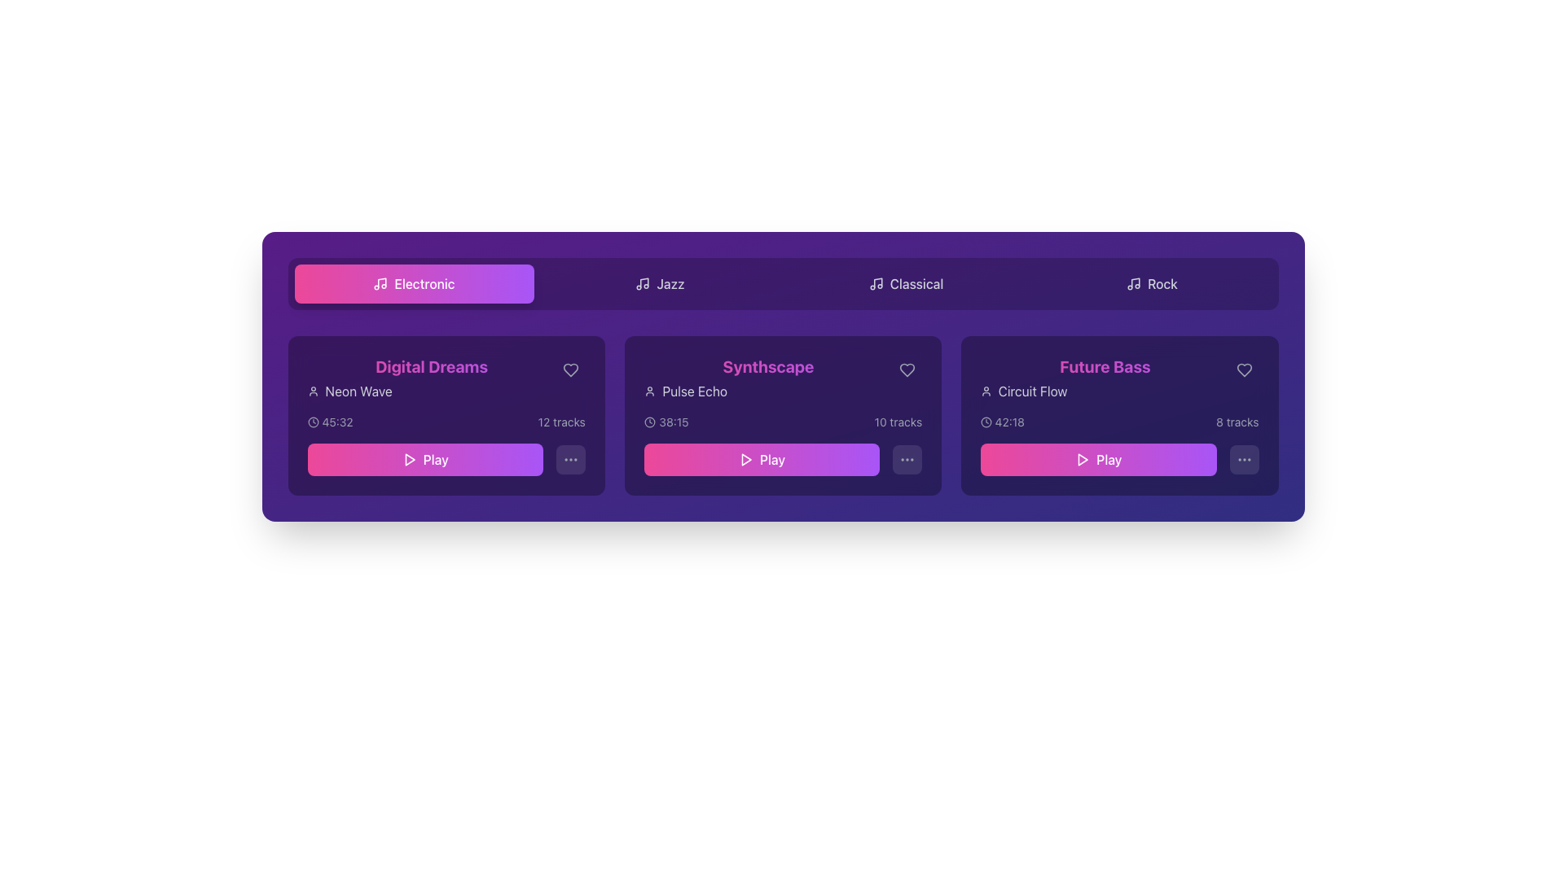 The width and height of the screenshot is (1564, 879). Describe the element at coordinates (570, 459) in the screenshot. I see `the small, rounded rectangular button with three vertically aligned dots, located to the right of the 'Play' button in the 'Digital Dreams' section` at that location.